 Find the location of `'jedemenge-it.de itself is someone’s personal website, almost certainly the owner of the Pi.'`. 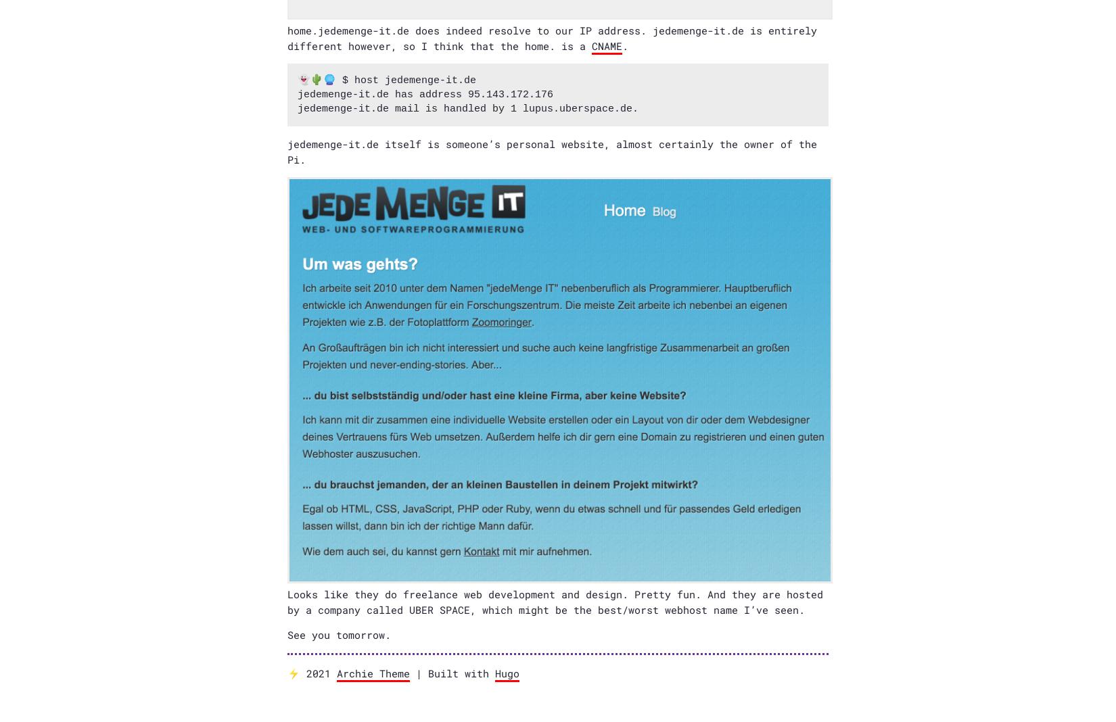

'jedemenge-it.de itself is someone’s personal website, almost certainly the owner of the Pi.' is located at coordinates (551, 151).